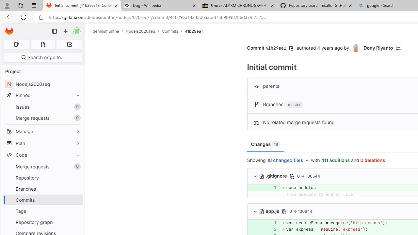  Describe the element at coordinates (271, 229) in the screenshot. I see `'2'` at that location.